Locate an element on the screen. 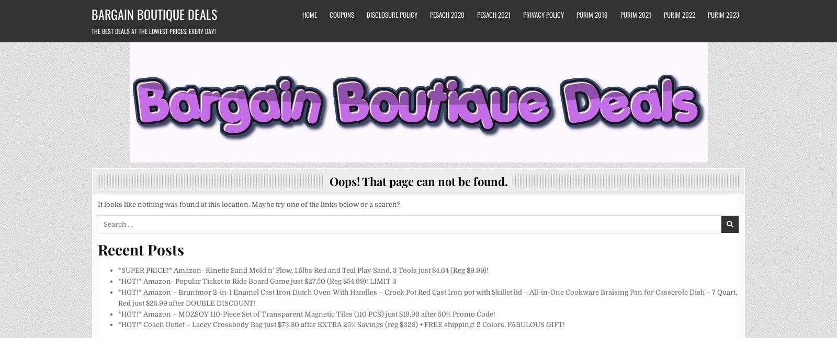 This screenshot has height=338, width=837. '*HOT!* Amazon – MOZSOY 110-Piece Set of Transparent Magnetic Tiles (110 PCS) just $19.99 after 50% Promo Code!' is located at coordinates (118, 313).